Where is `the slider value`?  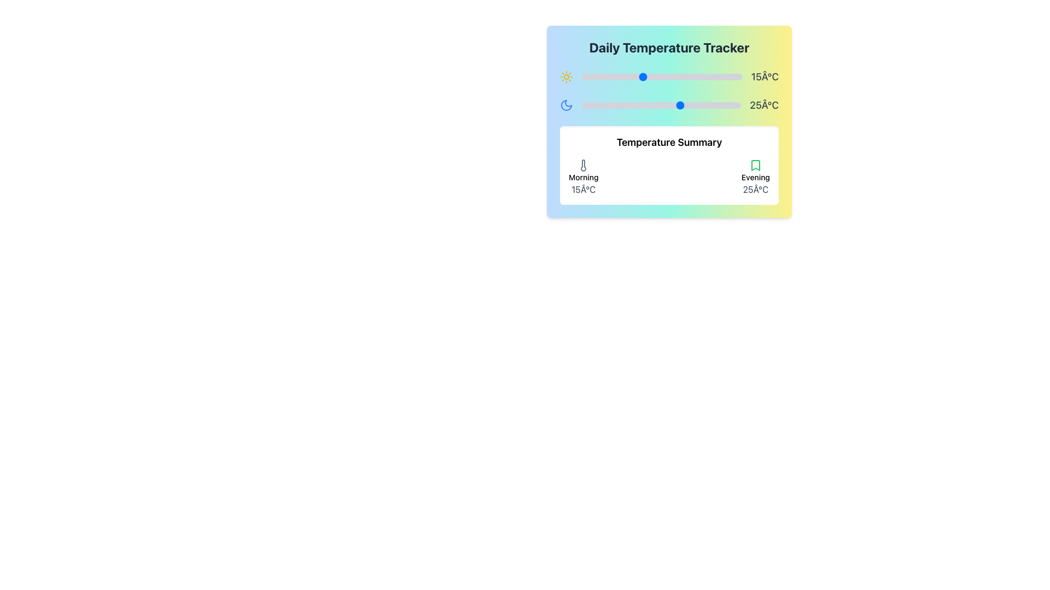 the slider value is located at coordinates (585, 105).